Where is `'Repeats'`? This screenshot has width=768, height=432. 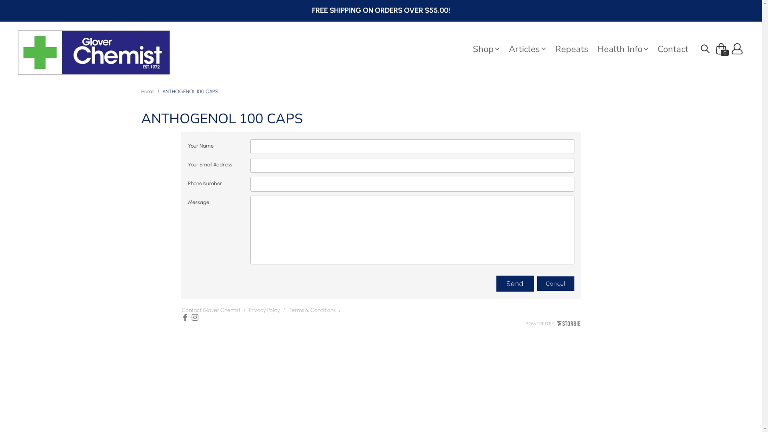 'Repeats' is located at coordinates (576, 49).